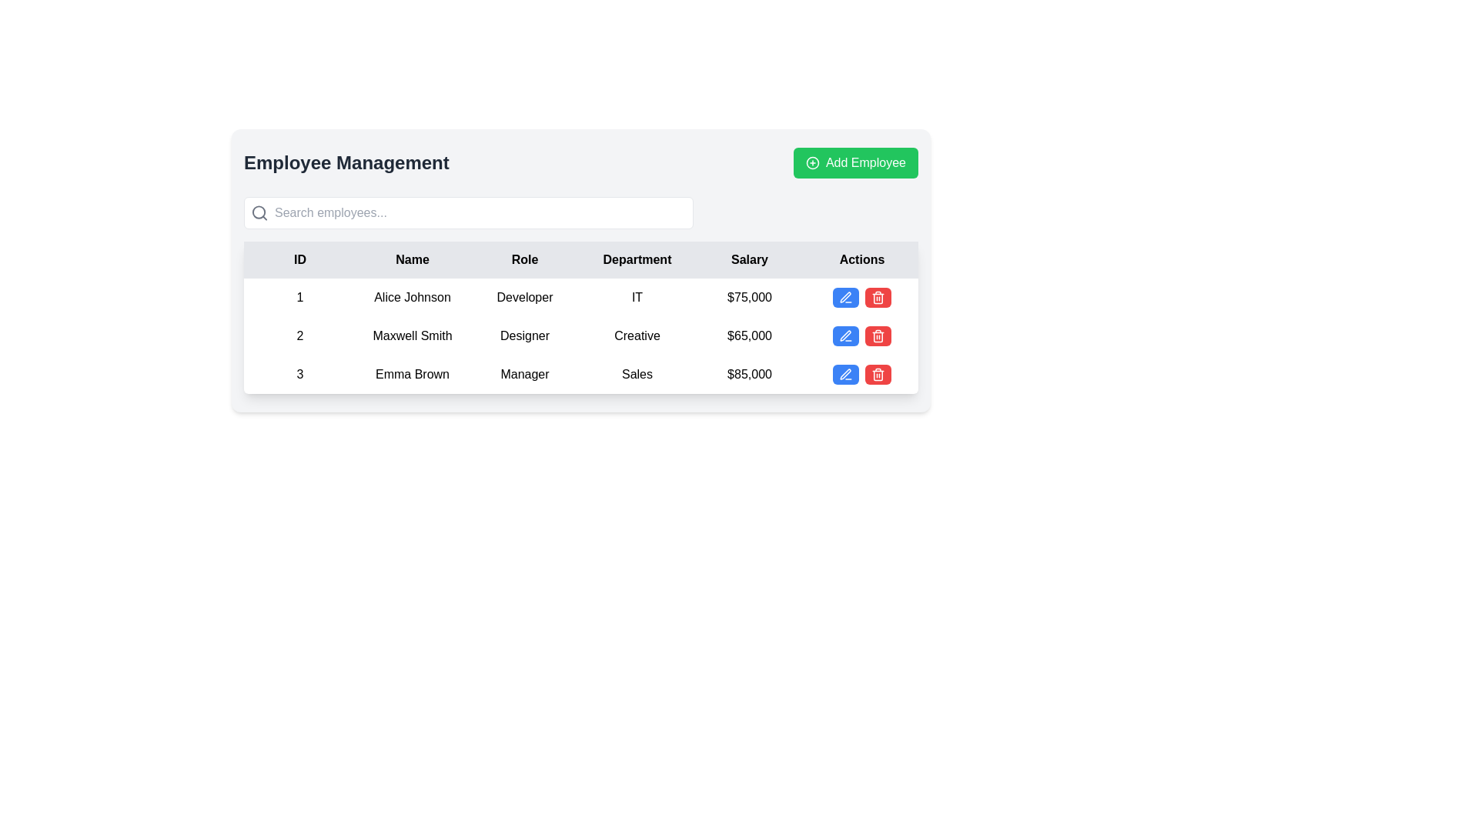 The width and height of the screenshot is (1478, 831). Describe the element at coordinates (861, 374) in the screenshot. I see `the buttons in the 'Actions' column of the row for 'Emma Brown'` at that location.